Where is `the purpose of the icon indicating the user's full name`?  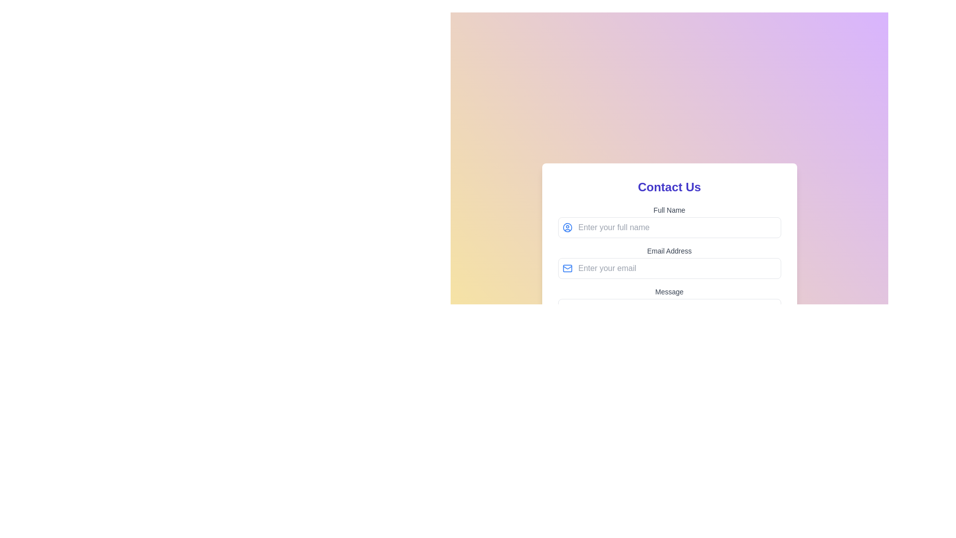
the purpose of the icon indicating the user's full name is located at coordinates (567, 227).